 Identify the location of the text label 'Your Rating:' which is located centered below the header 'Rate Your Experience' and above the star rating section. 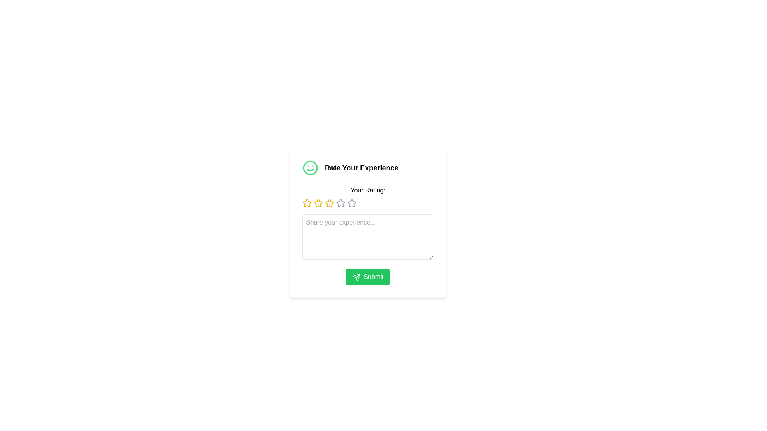
(368, 197).